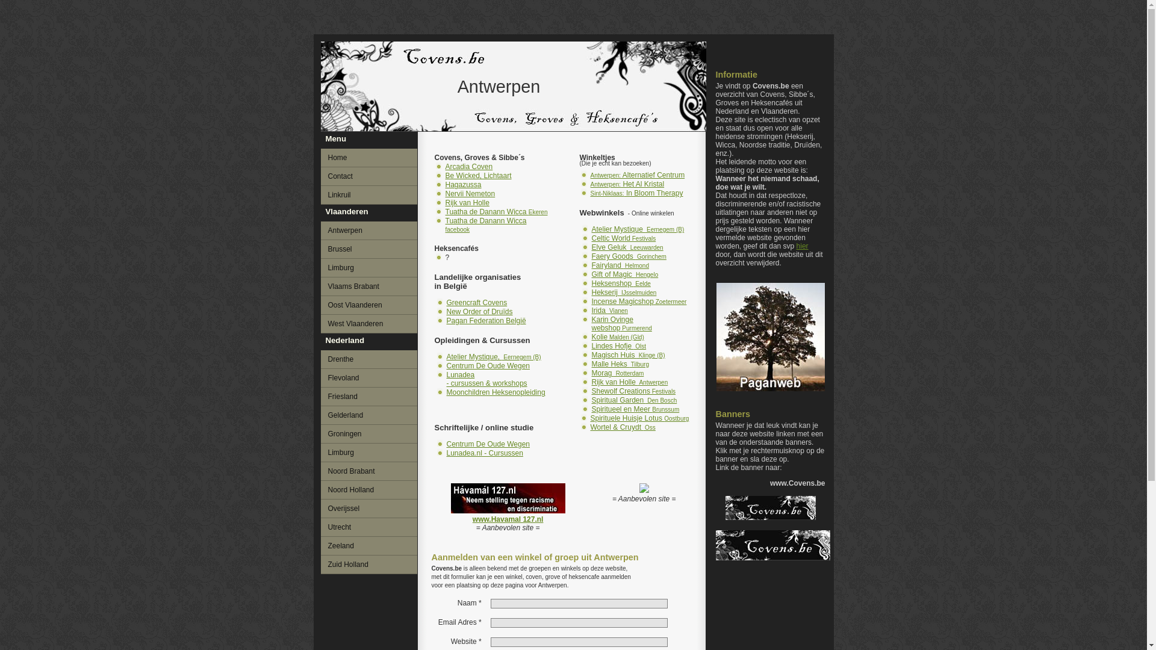  I want to click on 'Fairyland  Helmond', so click(620, 264).